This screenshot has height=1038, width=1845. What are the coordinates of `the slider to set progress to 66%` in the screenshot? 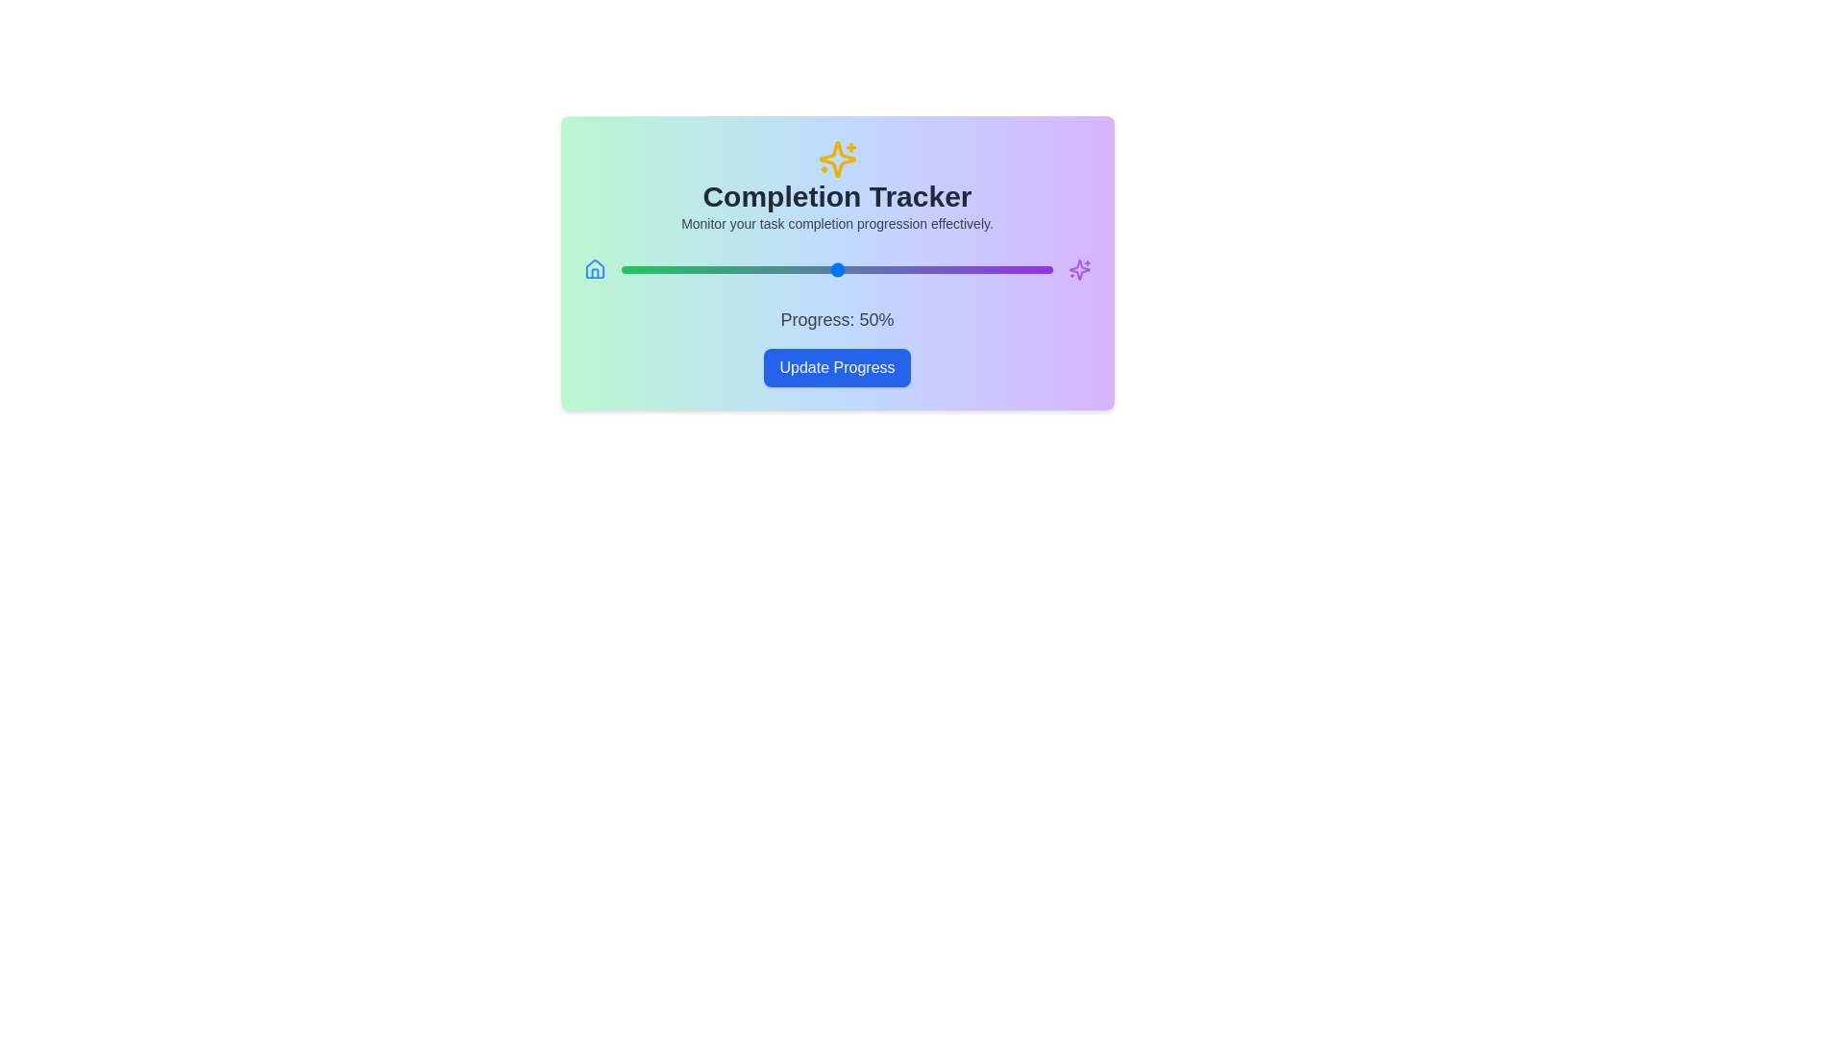 It's located at (905, 270).